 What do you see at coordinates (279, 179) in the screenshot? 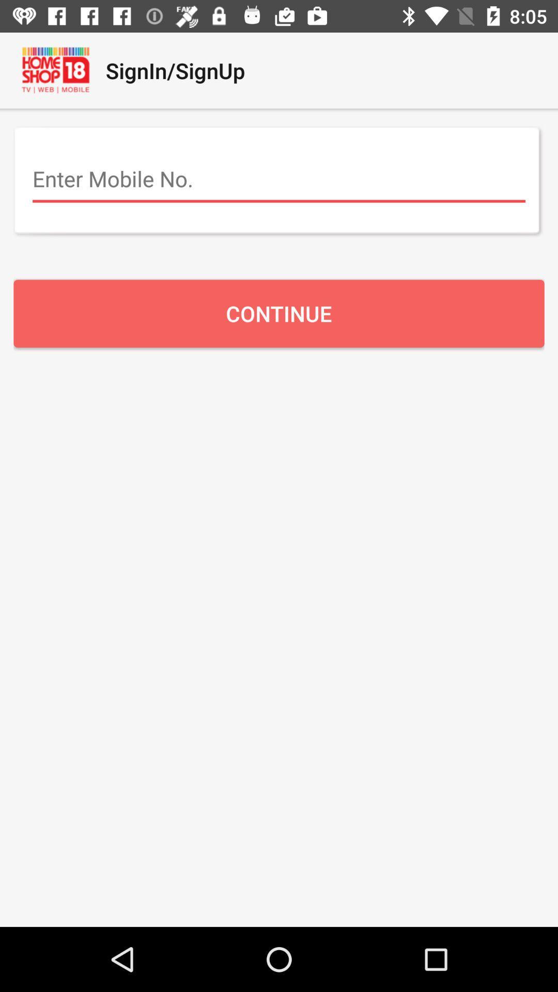
I see `icon above continue icon` at bounding box center [279, 179].